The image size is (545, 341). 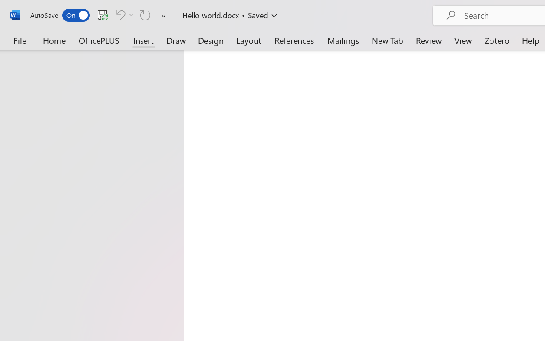 What do you see at coordinates (248, 40) in the screenshot?
I see `'Layout'` at bounding box center [248, 40].